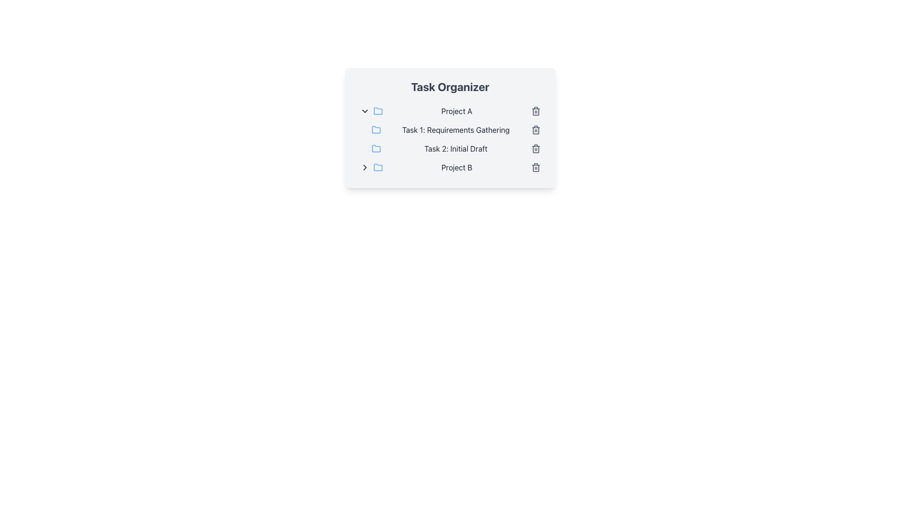 This screenshot has height=507, width=902. Describe the element at coordinates (376, 130) in the screenshot. I see `the folder icon with a blue outline associated with the task 'Task 1: Requirements Gathering'` at that location.